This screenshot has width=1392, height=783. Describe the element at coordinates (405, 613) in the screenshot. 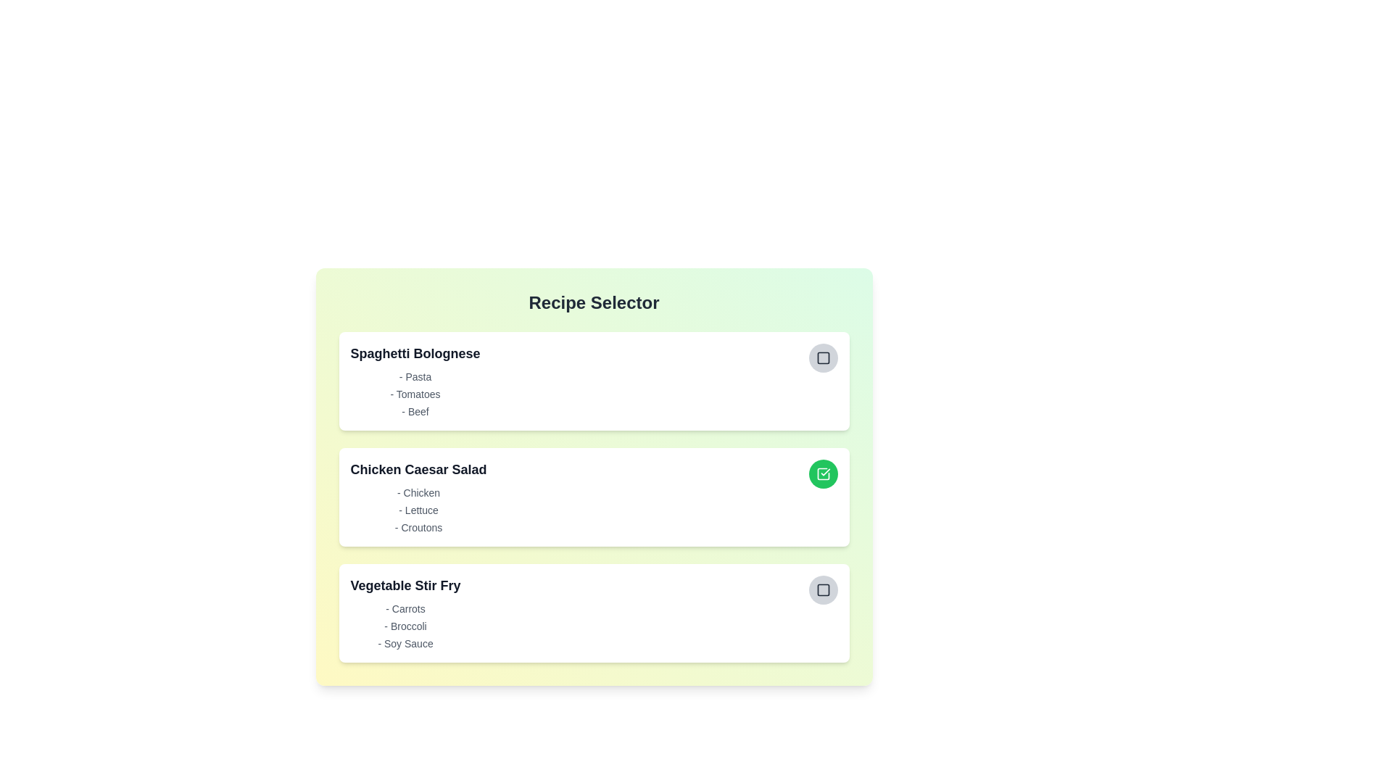

I see `the recipe Vegetable Stir Fry to view its ingredients` at that location.